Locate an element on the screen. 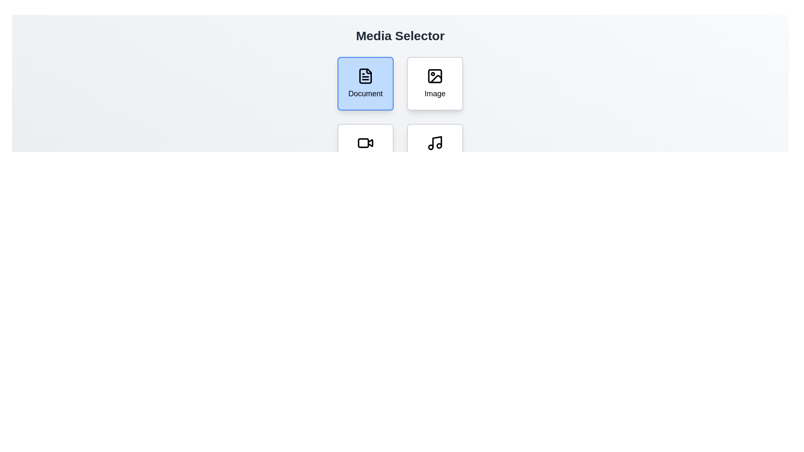 The image size is (804, 452). the Video button to select it is located at coordinates (366, 150).